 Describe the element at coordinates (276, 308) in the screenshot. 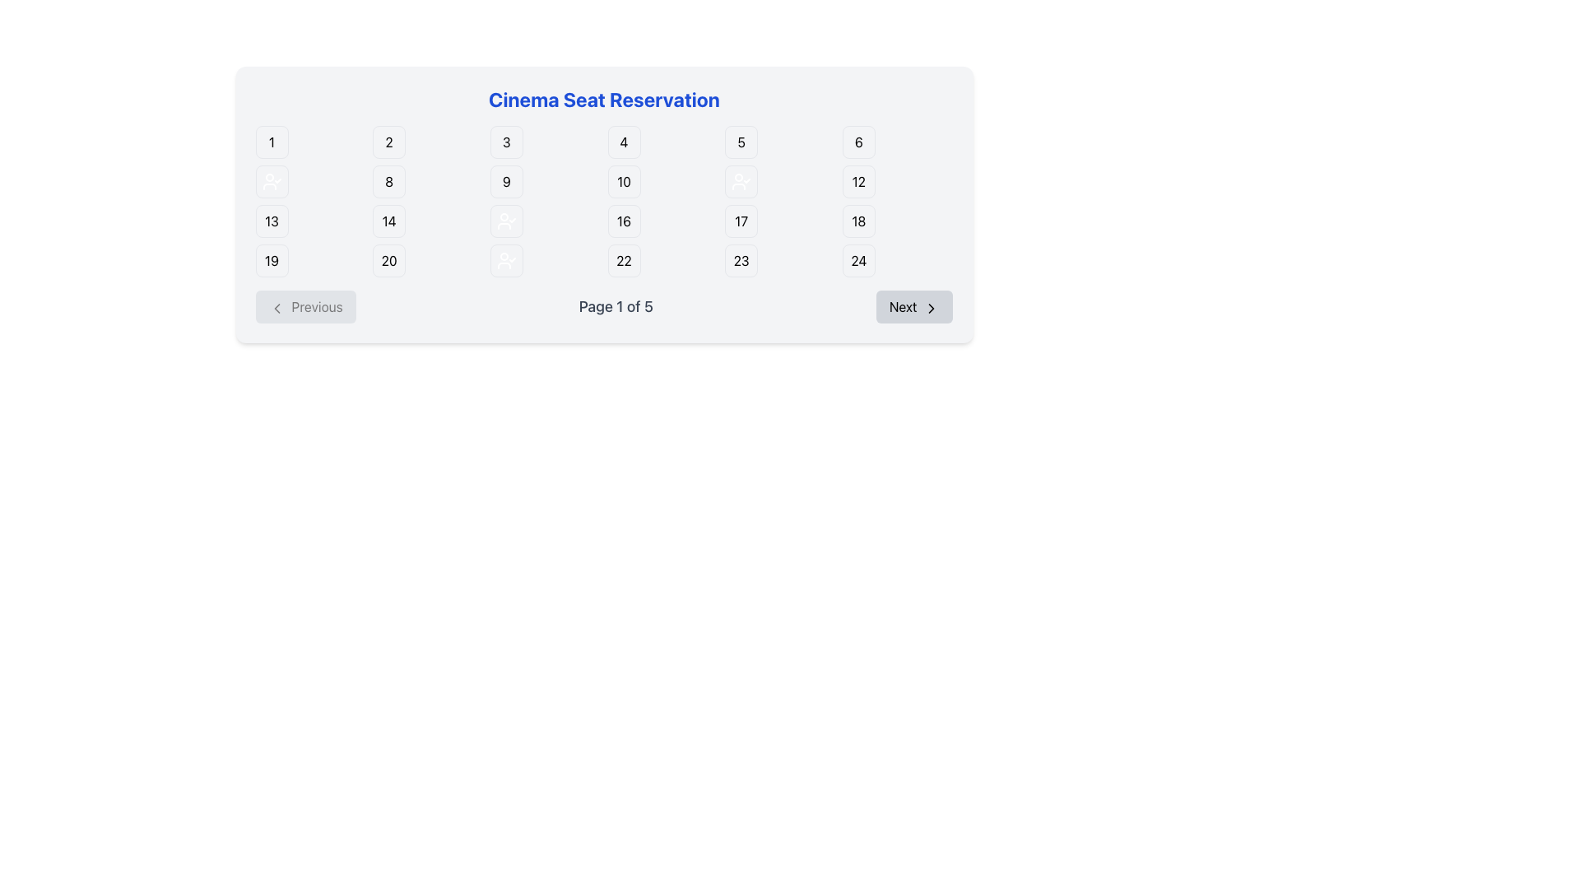

I see `the left arrow icon within the 'Previous' button` at that location.